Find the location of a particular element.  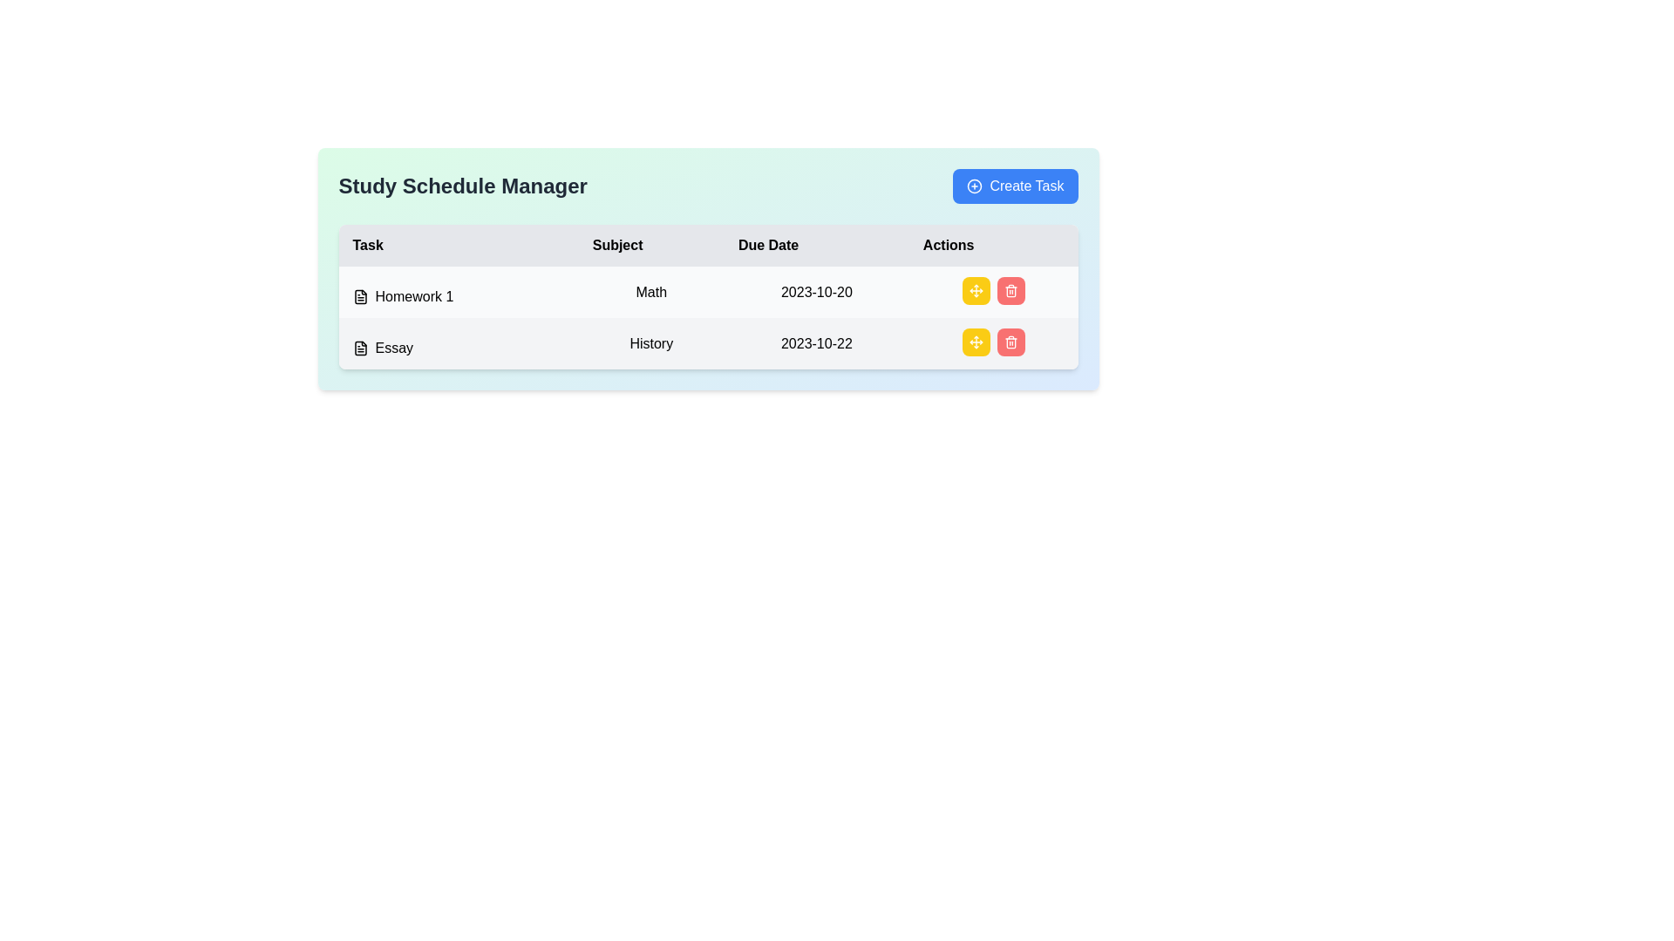

the yellow circular icon button with arrows pointing in four directions located in the 'Actions' column of the second row of the 'Study Schedule Manager' table is located at coordinates (975, 342).